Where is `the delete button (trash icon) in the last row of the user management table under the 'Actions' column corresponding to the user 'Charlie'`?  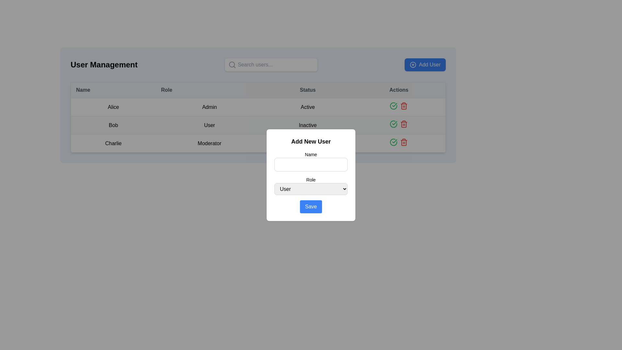
the delete button (trash icon) in the last row of the user management table under the 'Actions' column corresponding to the user 'Charlie' is located at coordinates (404, 142).